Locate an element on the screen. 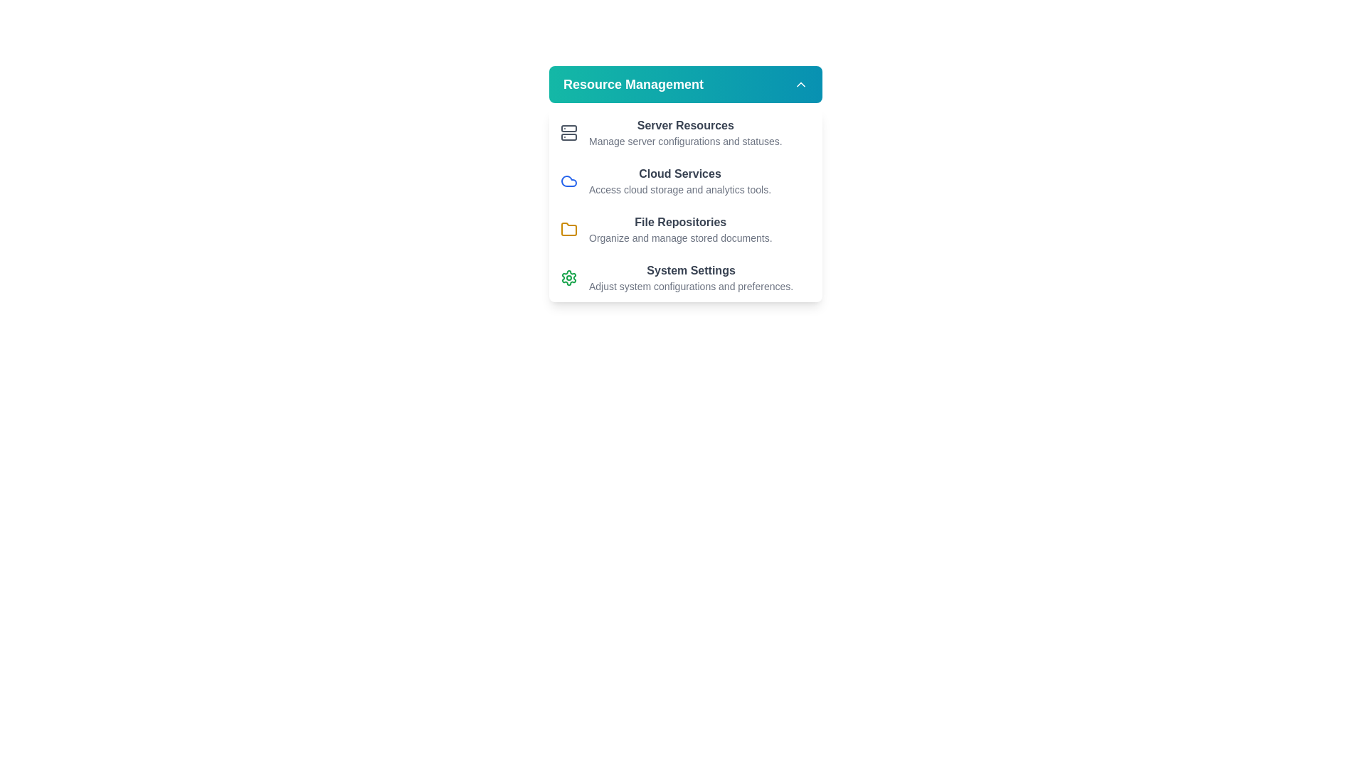 The image size is (1366, 768). the cloud icon in the 'Resource Management' section, which is the second icon associated with 'Cloud Services' is located at coordinates (569, 180).